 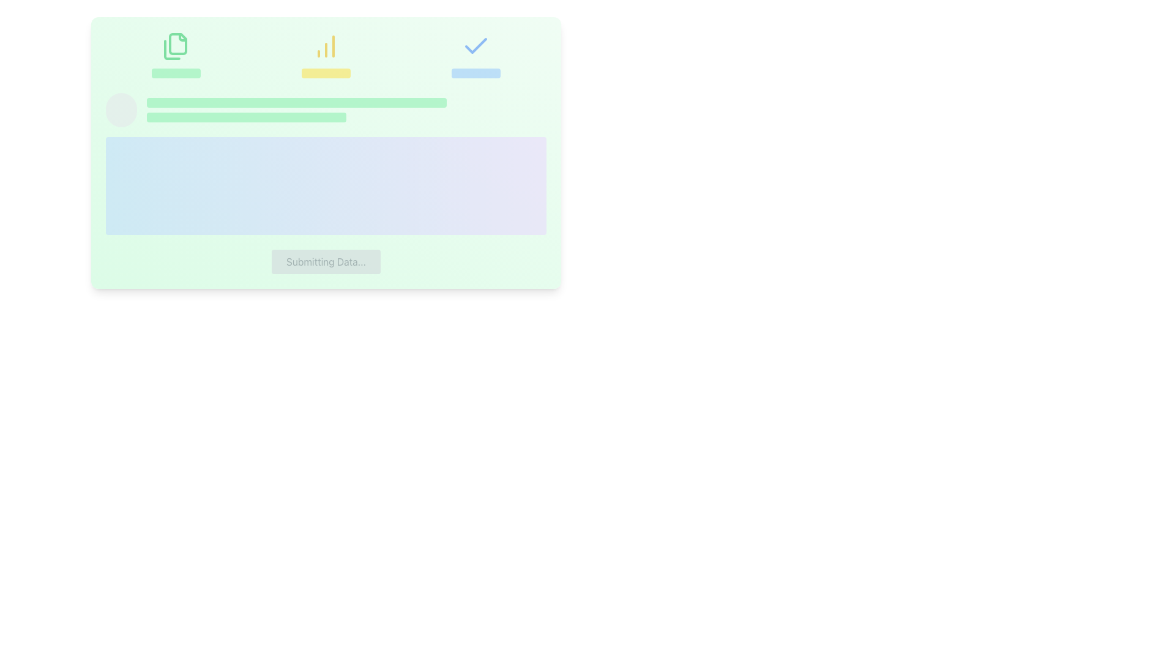 I want to click on the green icon representing two overlapping sheets in the left-most column of the grid layout to trigger the tooltip or animation, so click(x=175, y=54).